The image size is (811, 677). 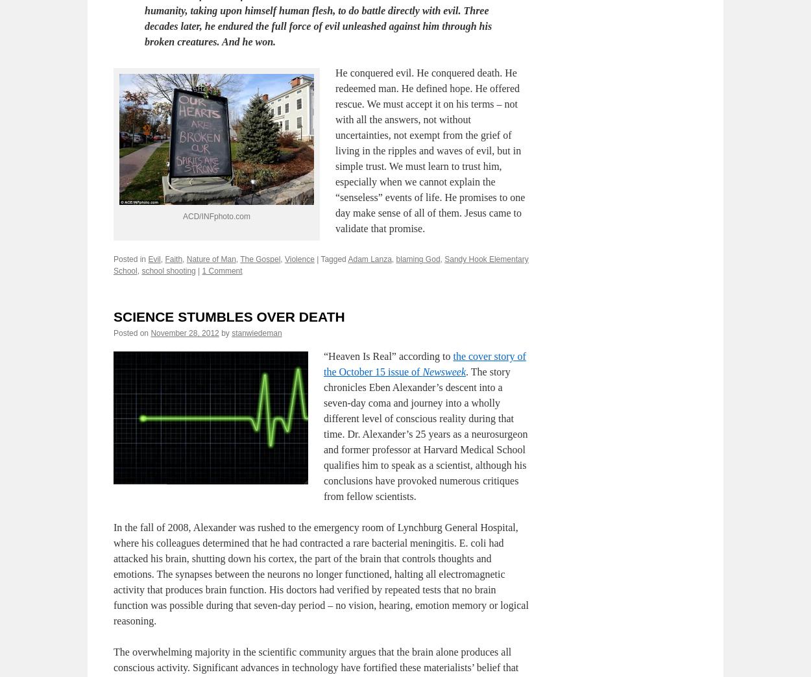 I want to click on 'Evil', so click(x=153, y=322).